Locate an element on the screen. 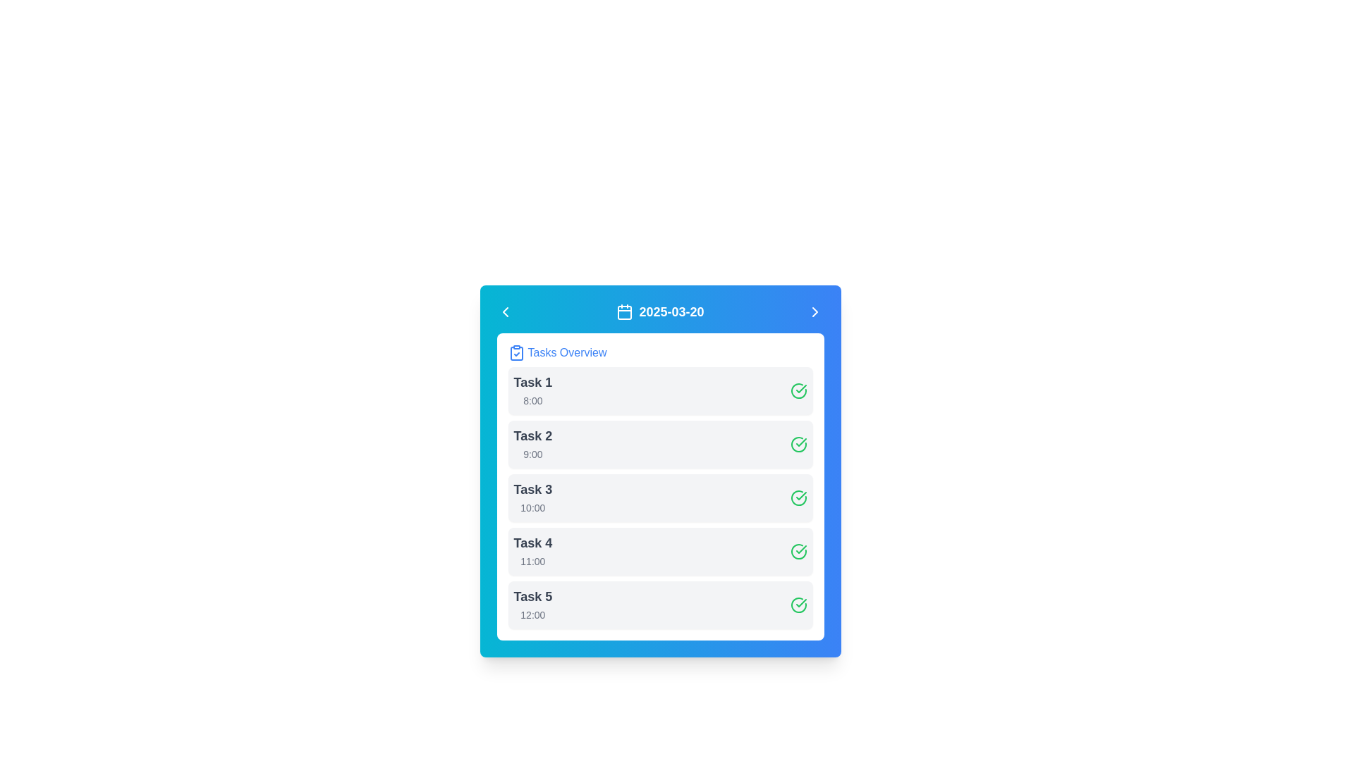  the text label displaying '12:00', which is styled in gray and located to the right of 'Task 5' in the fifth row of the task list interface is located at coordinates (532, 614).